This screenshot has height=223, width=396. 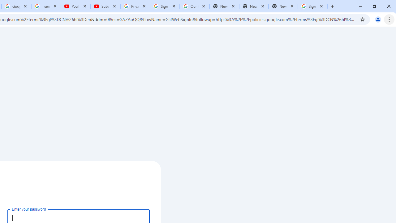 What do you see at coordinates (312, 6) in the screenshot?
I see `'Sign in - Google Accounts'` at bounding box center [312, 6].